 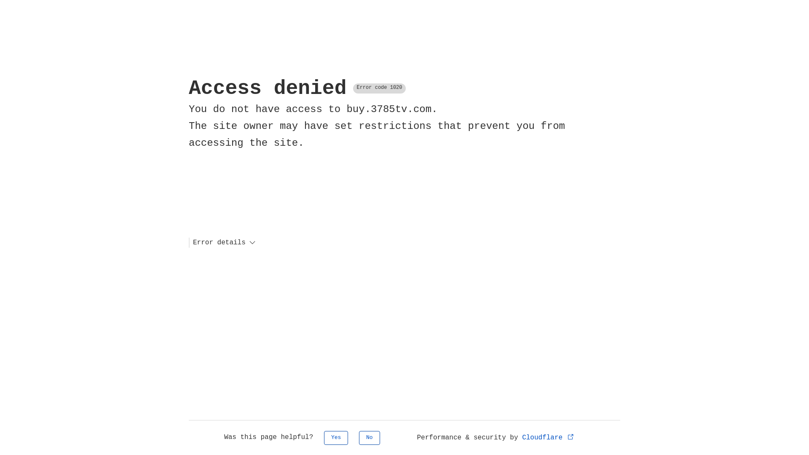 I want to click on 'Yes', so click(x=335, y=437).